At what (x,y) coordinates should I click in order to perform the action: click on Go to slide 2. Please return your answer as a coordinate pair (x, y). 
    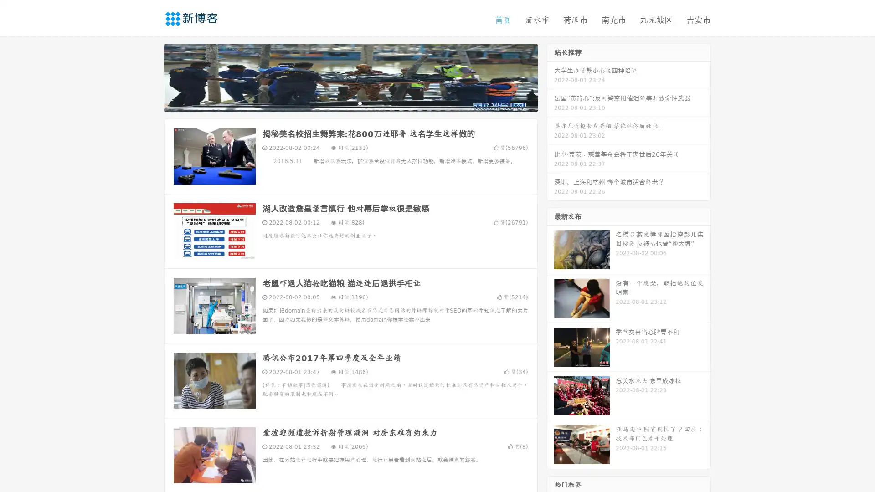
    Looking at the image, I should click on (350, 102).